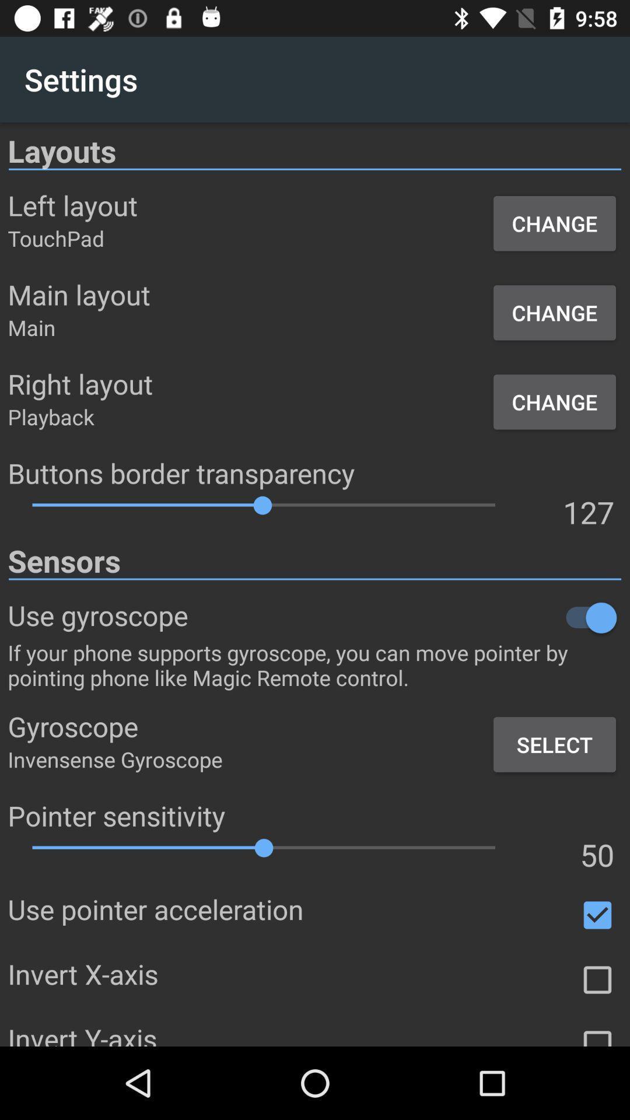 The width and height of the screenshot is (630, 1120). What do you see at coordinates (554, 744) in the screenshot?
I see `the item to the right of invensense gyroscope` at bounding box center [554, 744].